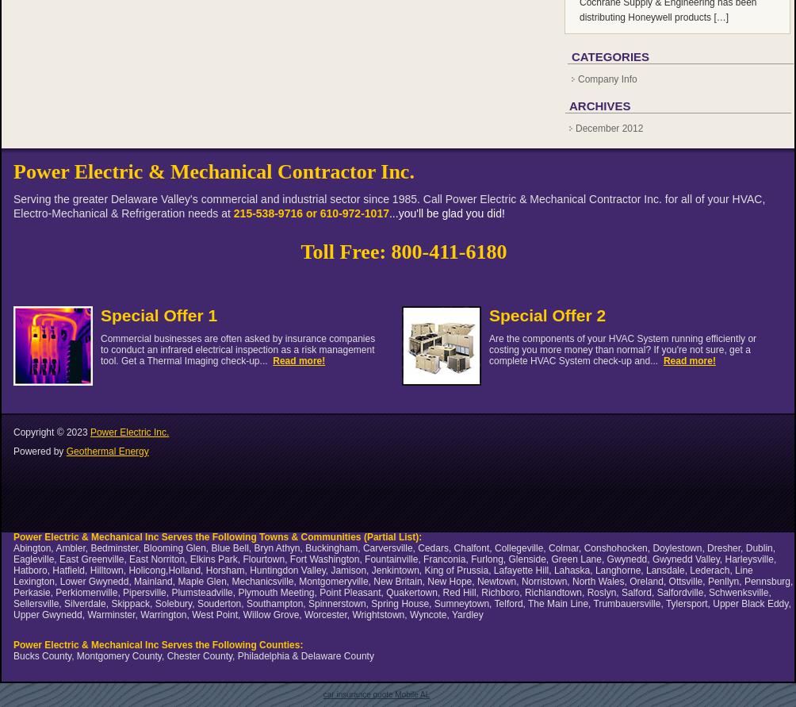 This screenshot has height=707, width=796. Describe the element at coordinates (213, 171) in the screenshot. I see `'Power Electric & Mechanical Contractor Inc.'` at that location.